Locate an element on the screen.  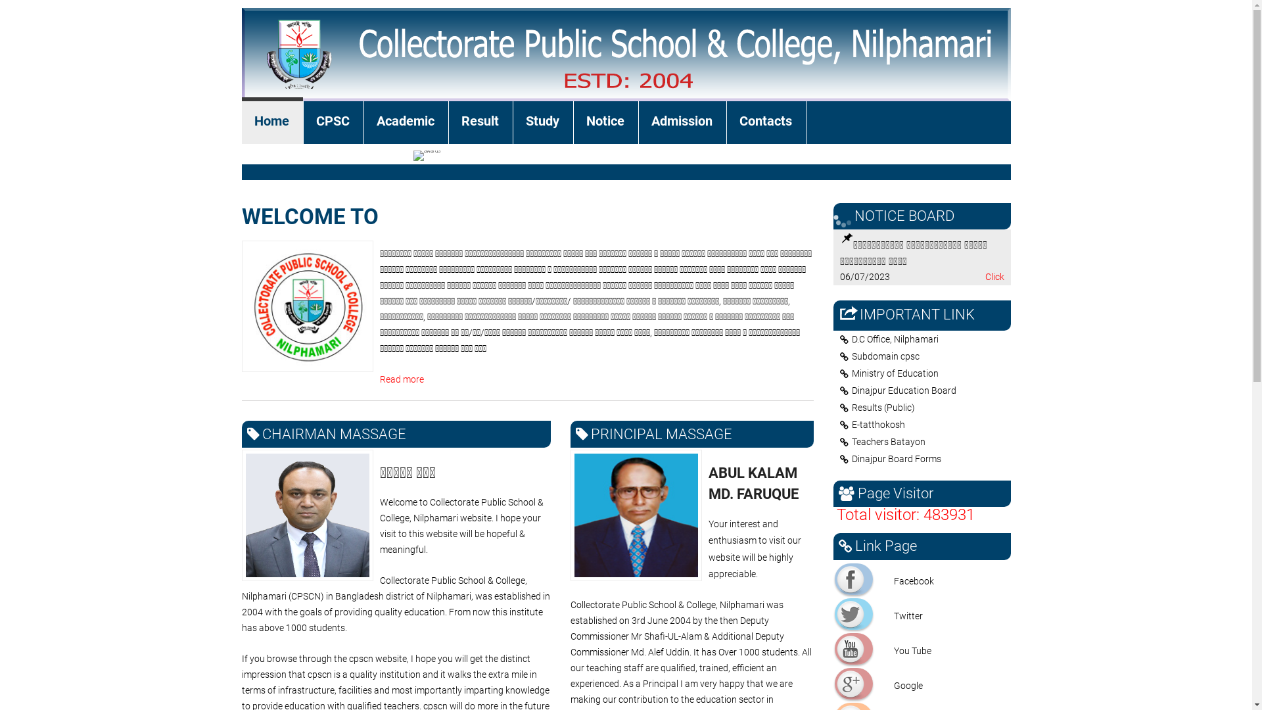
'Results (Public)' is located at coordinates (924, 407).